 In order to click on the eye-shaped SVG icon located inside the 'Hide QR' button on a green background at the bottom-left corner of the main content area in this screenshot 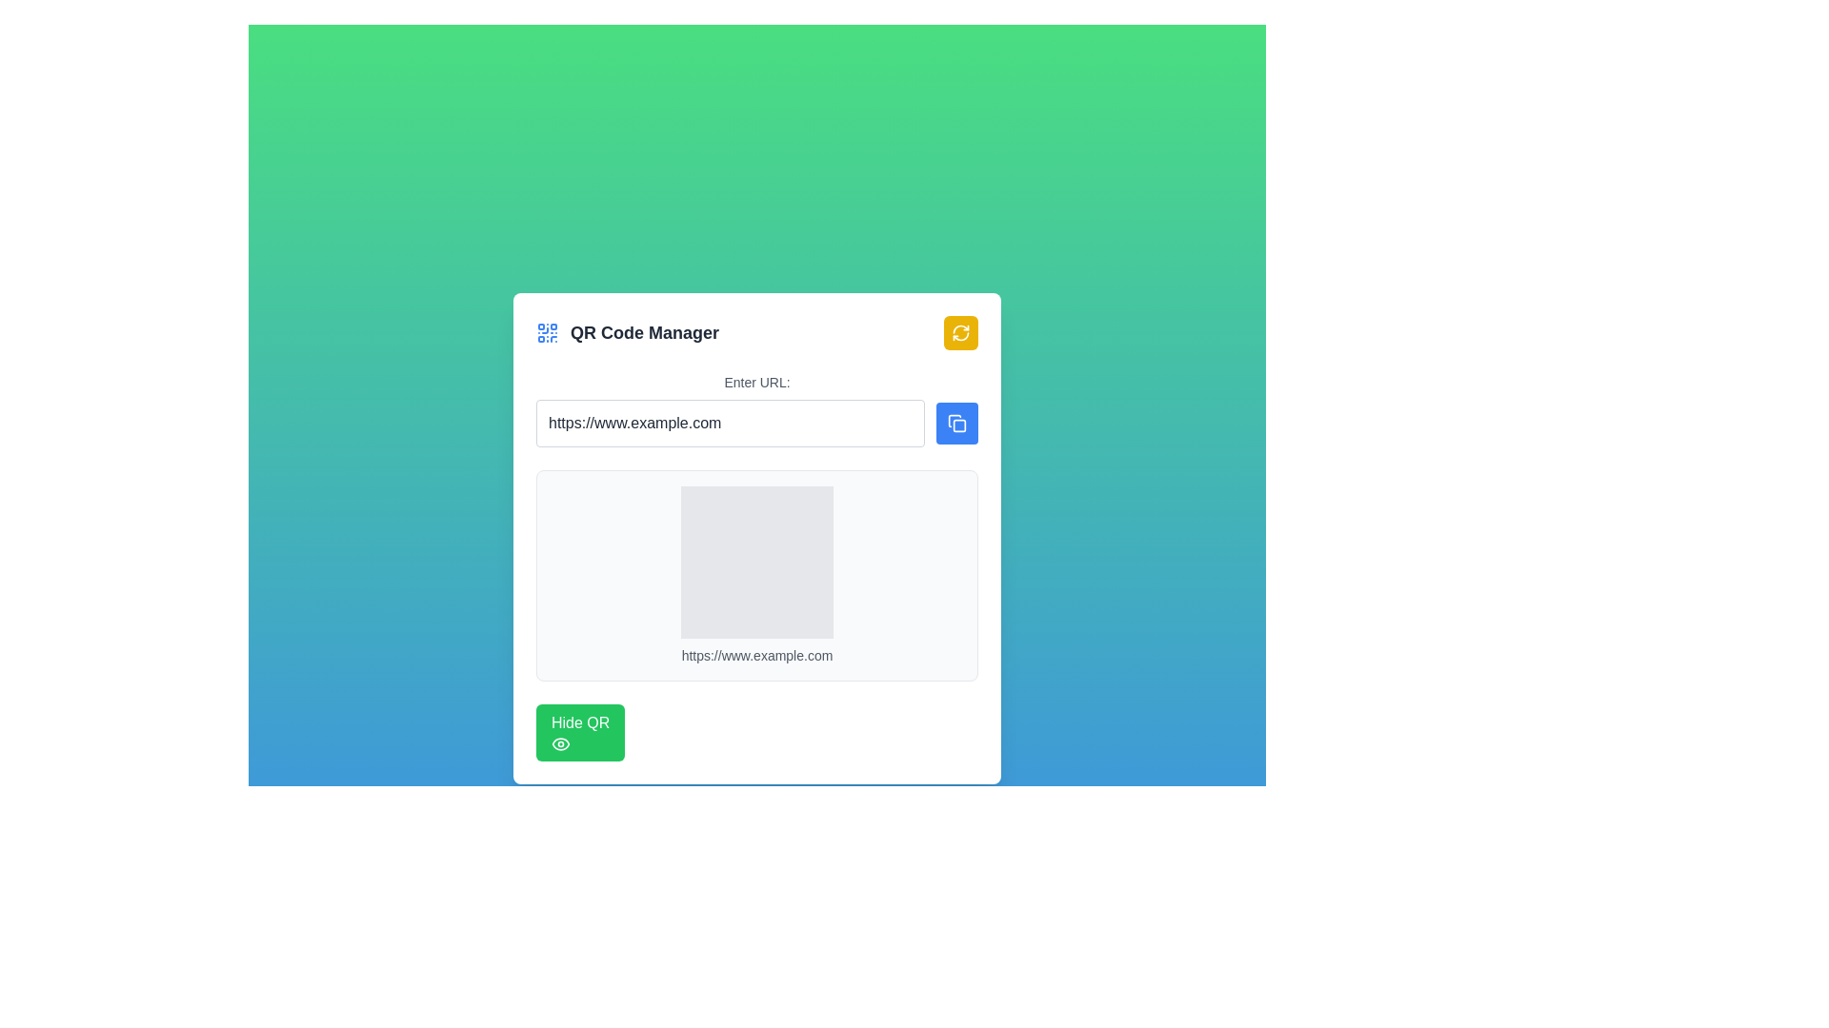, I will do `click(560, 743)`.